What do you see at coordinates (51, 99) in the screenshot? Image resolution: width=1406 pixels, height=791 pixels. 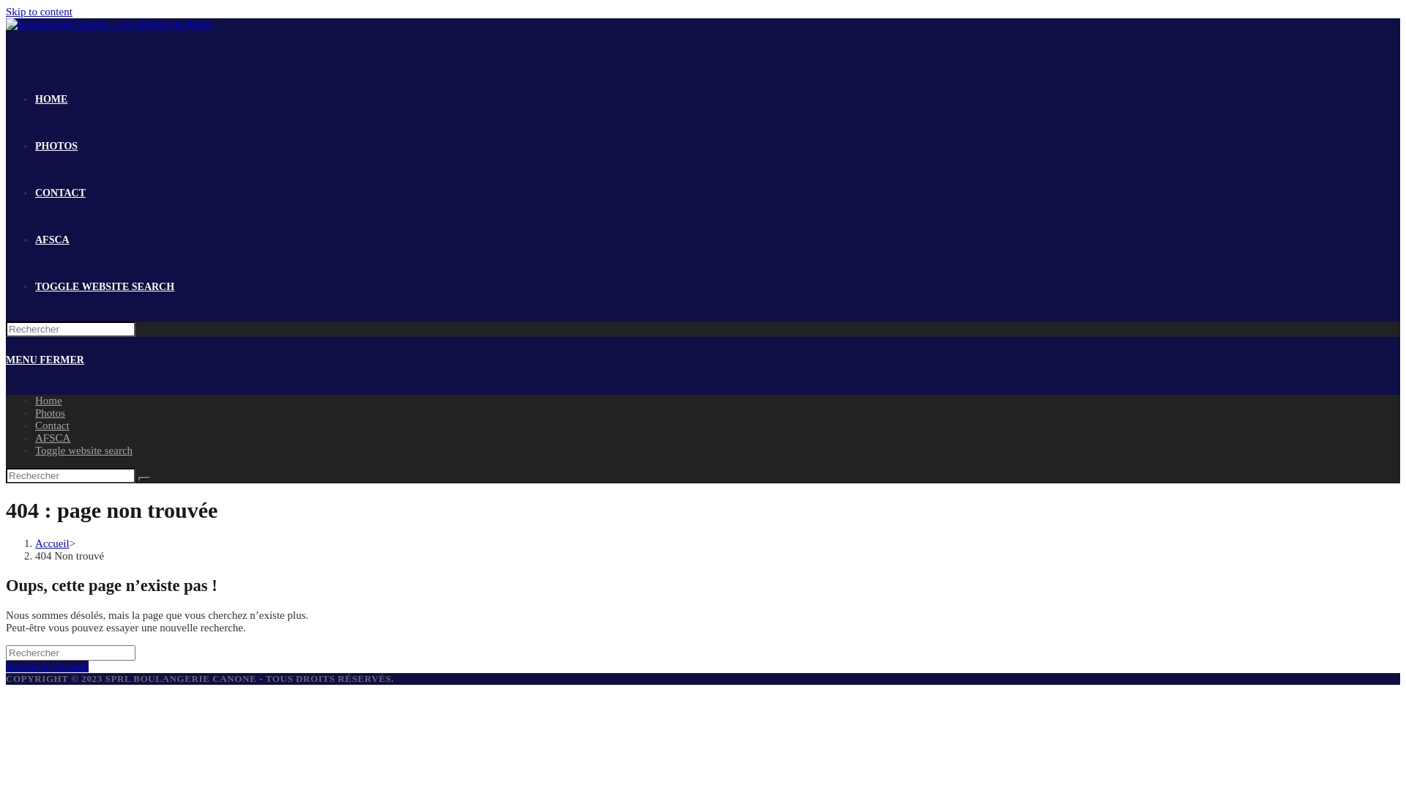 I see `'HOME'` at bounding box center [51, 99].